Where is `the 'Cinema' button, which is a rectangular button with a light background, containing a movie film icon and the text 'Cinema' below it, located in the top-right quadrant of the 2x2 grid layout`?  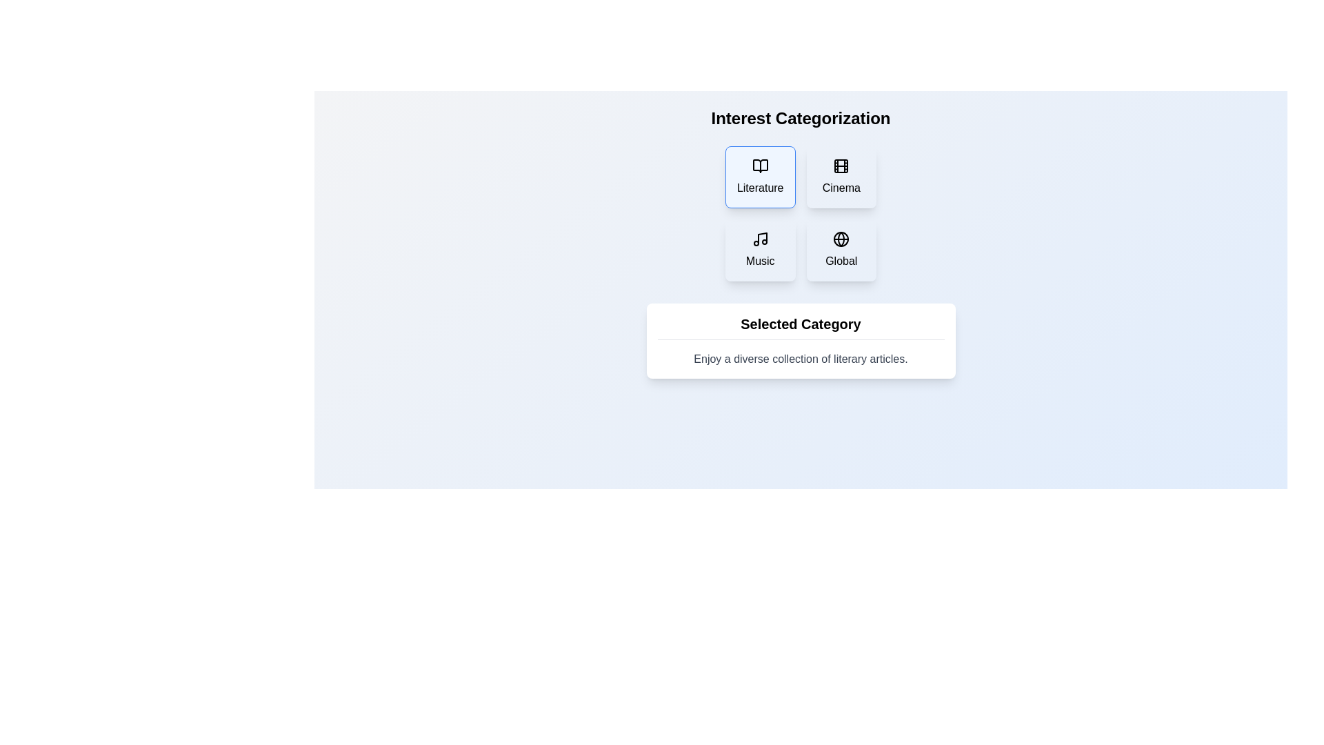 the 'Cinema' button, which is a rectangular button with a light background, containing a movie film icon and the text 'Cinema' below it, located in the top-right quadrant of the 2x2 grid layout is located at coordinates (841, 177).